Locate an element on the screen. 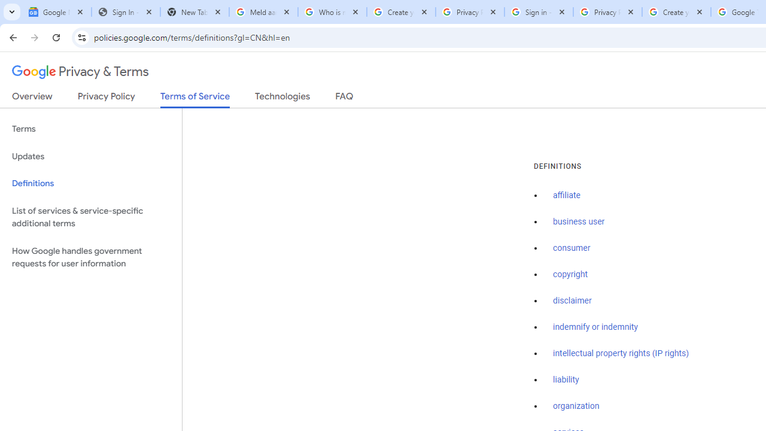 This screenshot has height=431, width=766. 'Sign in - Google Accounts' is located at coordinates (538, 12).